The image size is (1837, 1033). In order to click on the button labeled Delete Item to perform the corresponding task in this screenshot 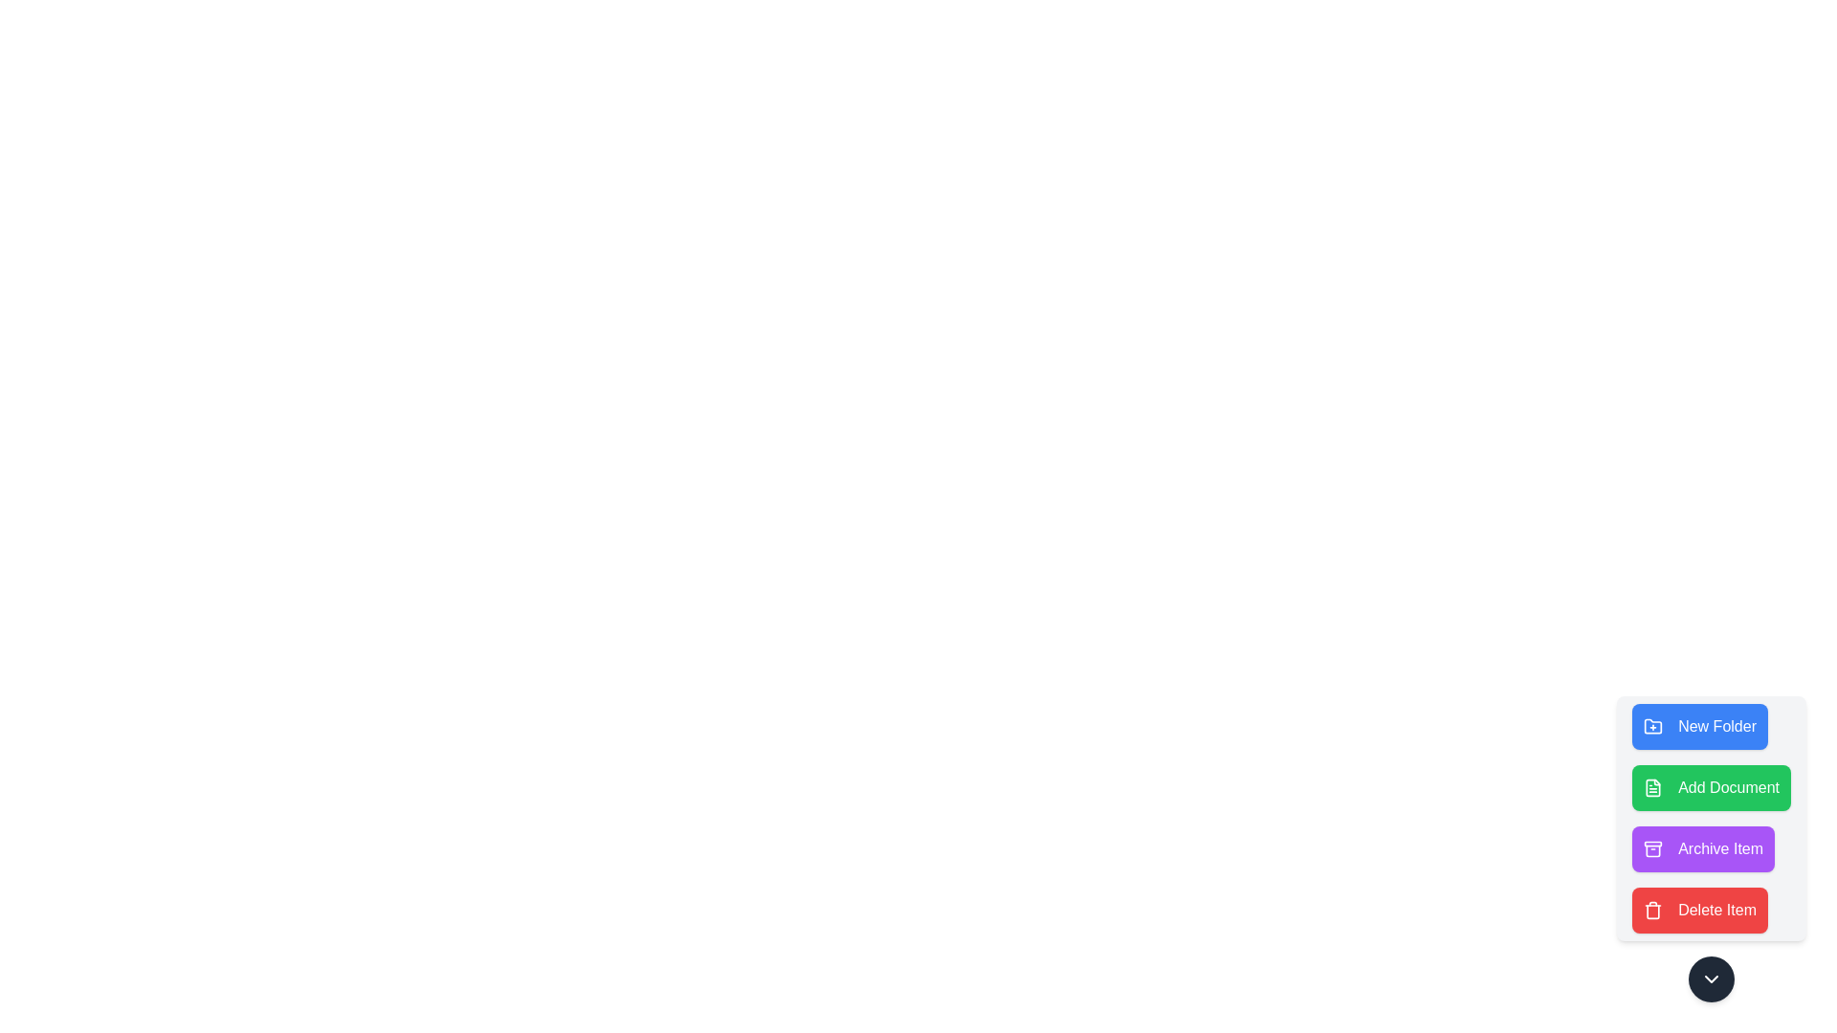, I will do `click(1700, 910)`.